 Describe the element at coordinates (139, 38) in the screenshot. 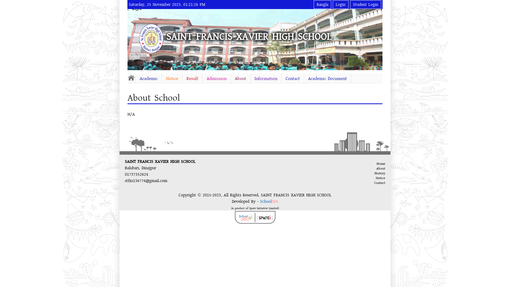

I see `'` at that location.